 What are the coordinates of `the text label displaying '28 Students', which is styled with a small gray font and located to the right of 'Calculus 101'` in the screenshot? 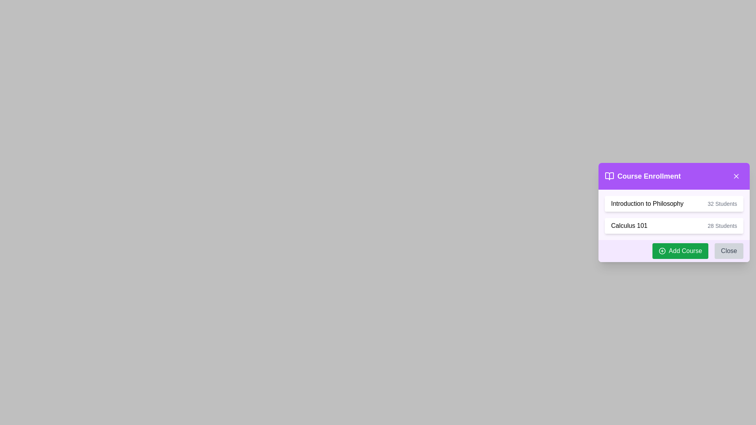 It's located at (722, 226).